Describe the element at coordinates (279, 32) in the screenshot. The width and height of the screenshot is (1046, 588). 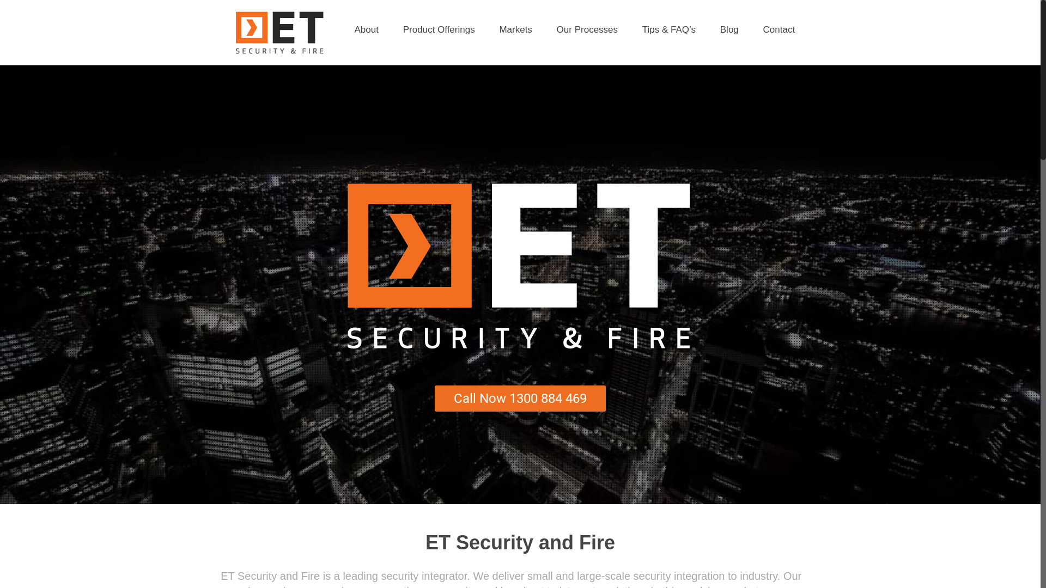
I see `'ET Security'` at that location.